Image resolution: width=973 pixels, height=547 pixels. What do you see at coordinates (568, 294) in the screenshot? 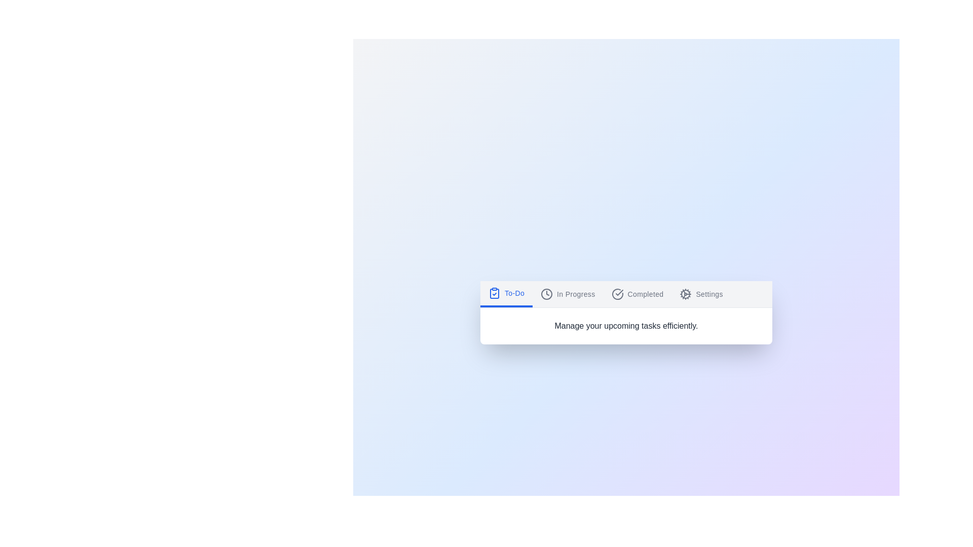
I see `the In Progress tab to switch to the corresponding section` at bounding box center [568, 294].